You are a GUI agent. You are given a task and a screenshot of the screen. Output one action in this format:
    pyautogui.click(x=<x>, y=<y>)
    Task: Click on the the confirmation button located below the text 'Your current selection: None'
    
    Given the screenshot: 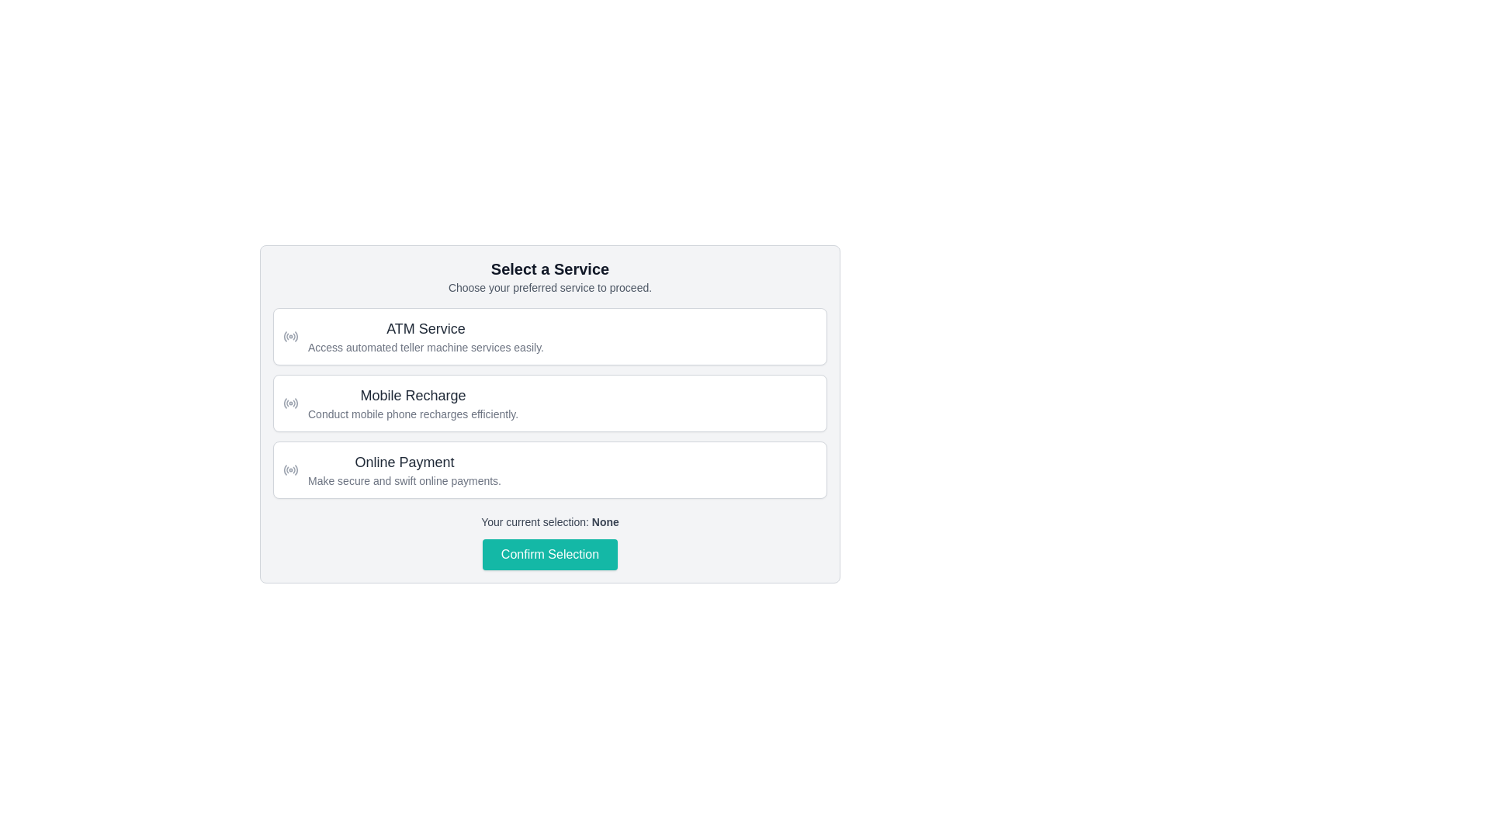 What is the action you would take?
    pyautogui.click(x=550, y=553)
    